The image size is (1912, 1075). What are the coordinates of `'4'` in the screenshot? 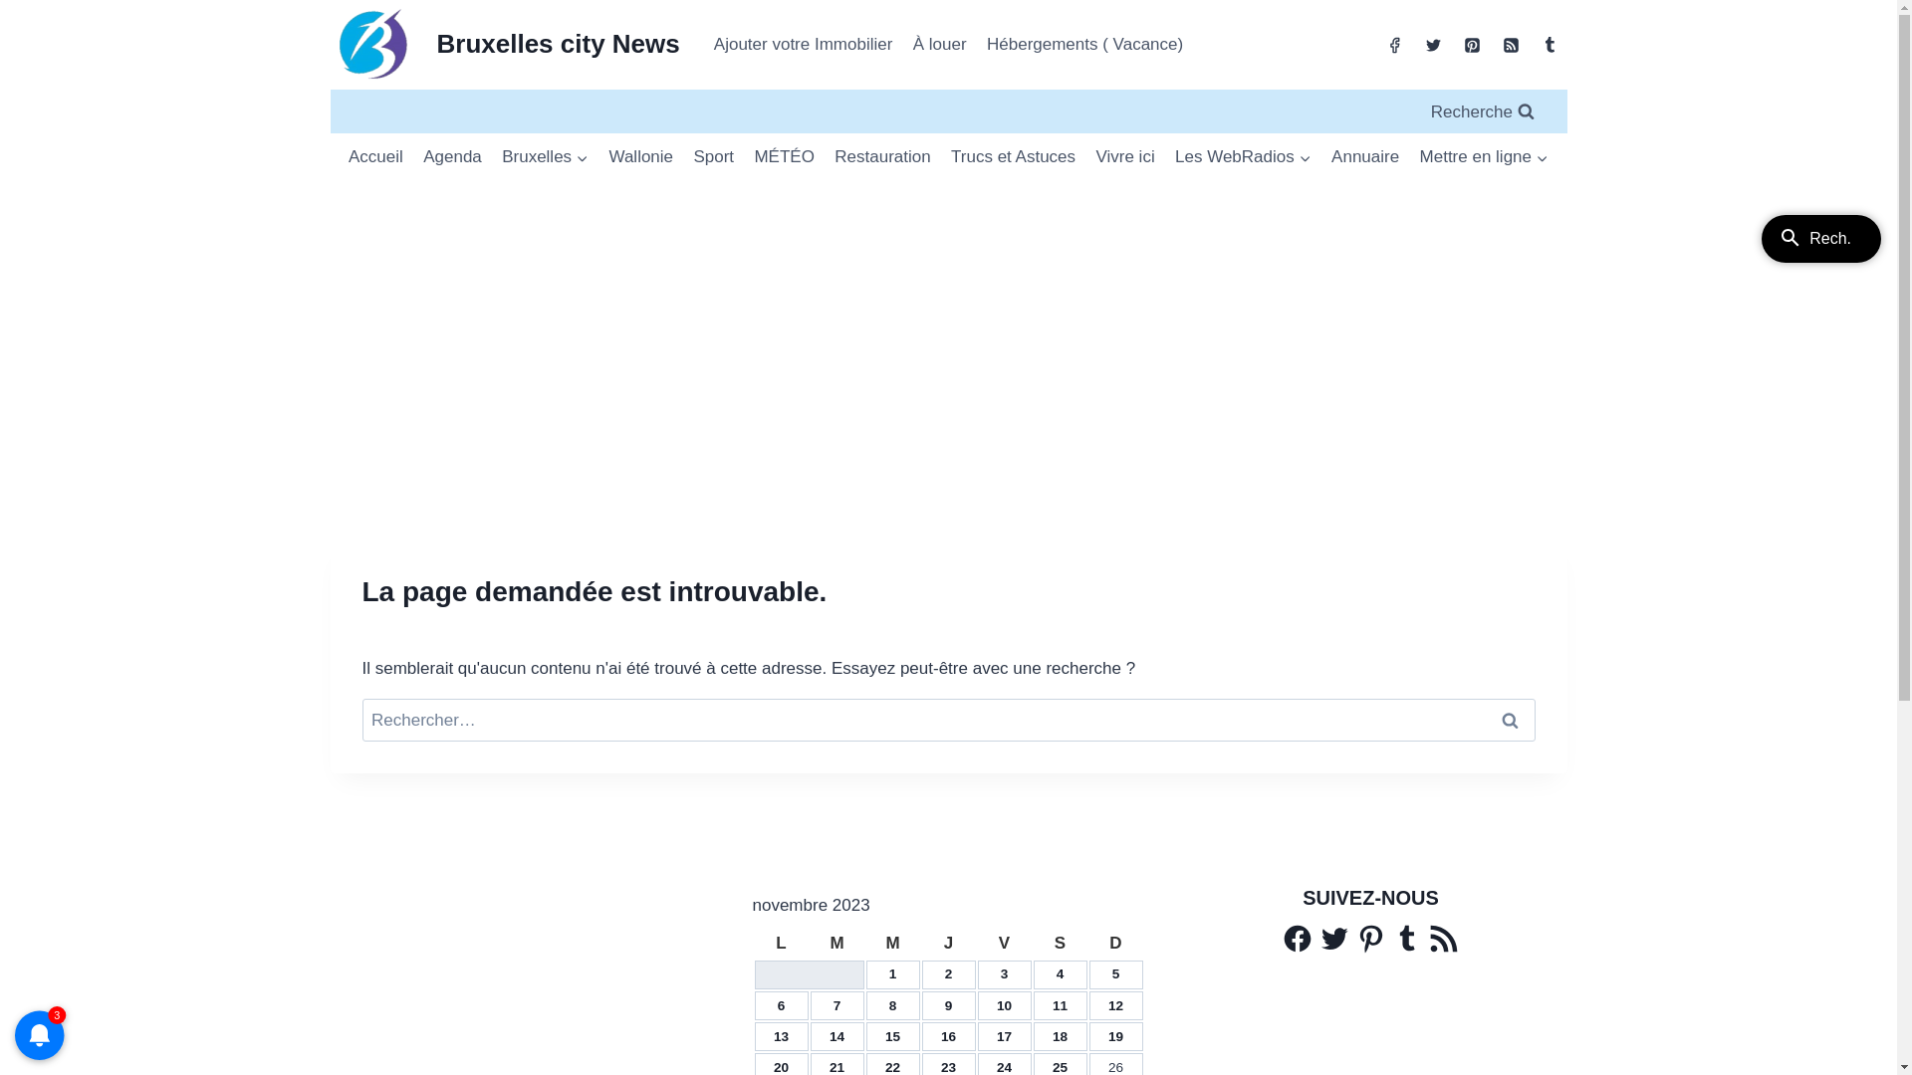 It's located at (1060, 972).